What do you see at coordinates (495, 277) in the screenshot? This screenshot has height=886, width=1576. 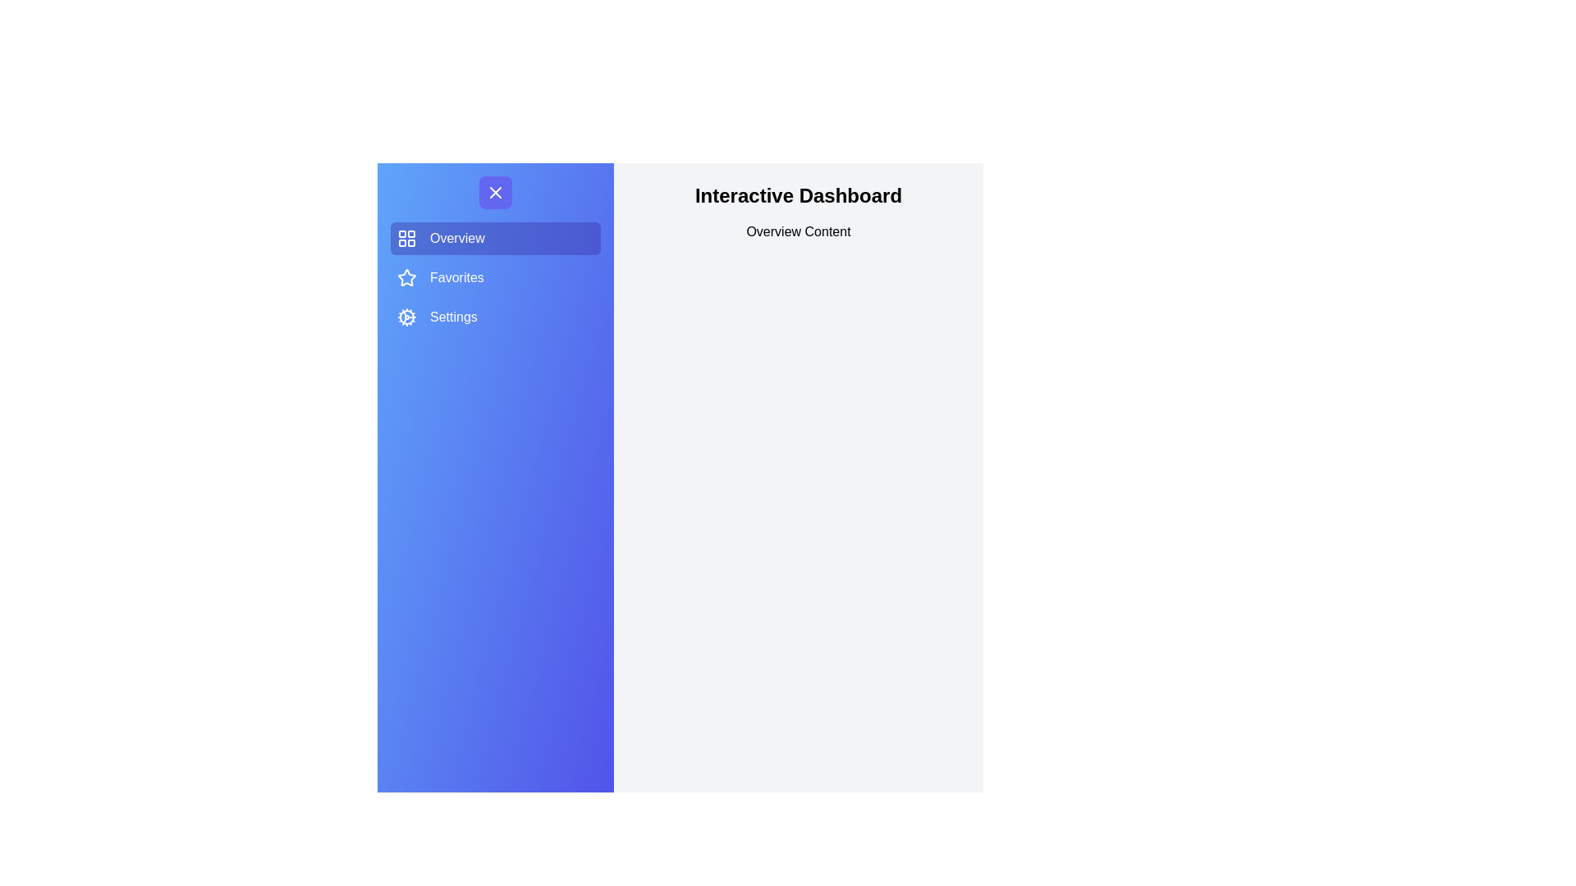 I see `the menu item labeled Favorites to observe its hover effect` at bounding box center [495, 277].